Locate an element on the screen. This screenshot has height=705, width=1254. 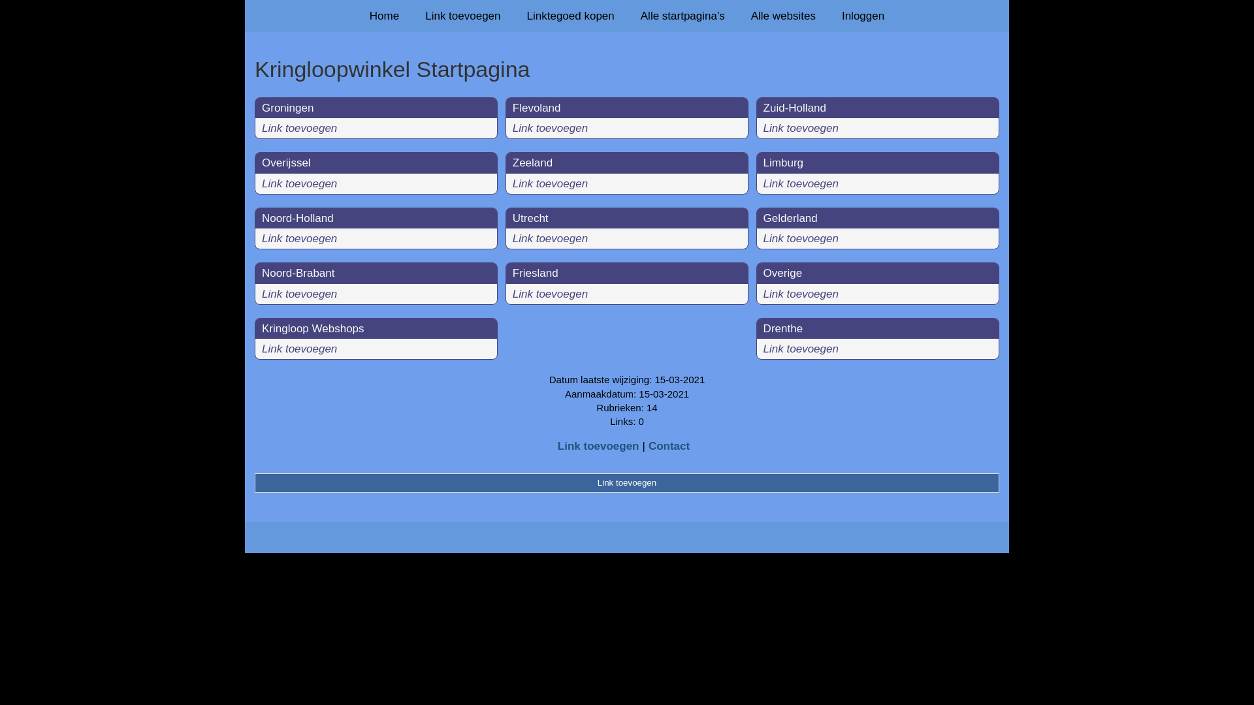
'Alle startpagina's' is located at coordinates (682, 16).